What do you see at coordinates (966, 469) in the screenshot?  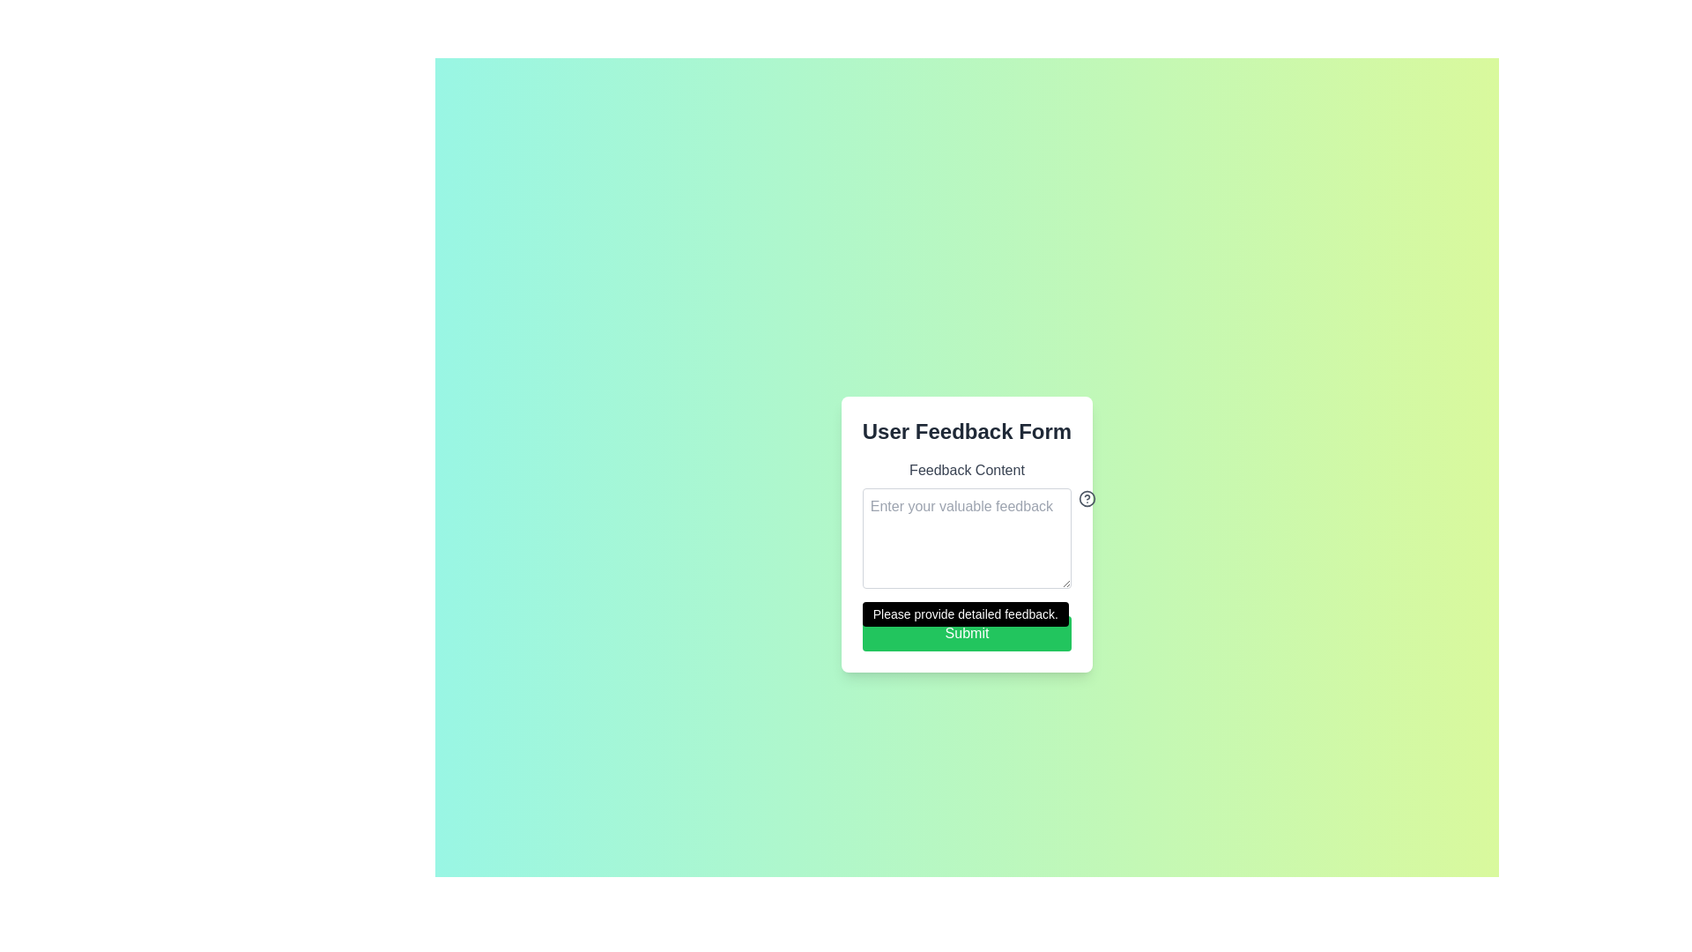 I see `the text label that contains the content 'Feedback Content', which is styled in medium gray and positioned above the feedback text area` at bounding box center [966, 469].